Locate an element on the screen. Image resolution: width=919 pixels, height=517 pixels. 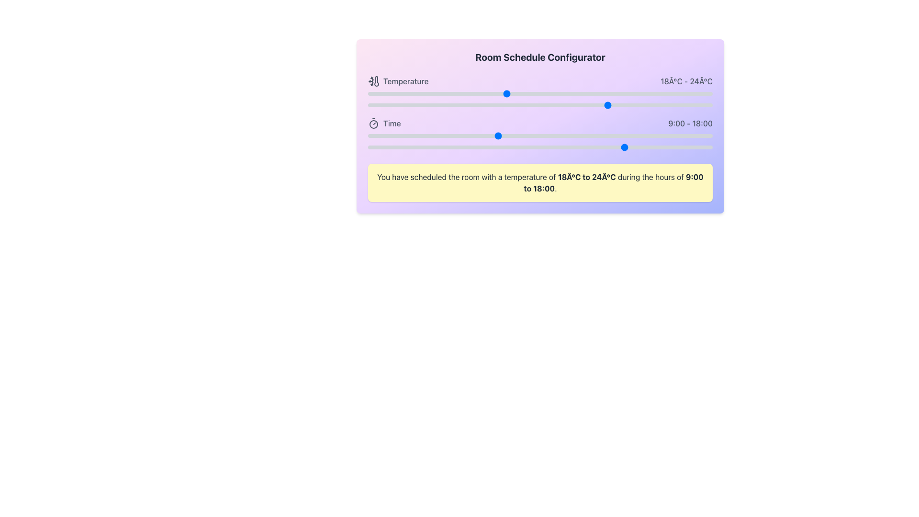
the time is located at coordinates (698, 136).